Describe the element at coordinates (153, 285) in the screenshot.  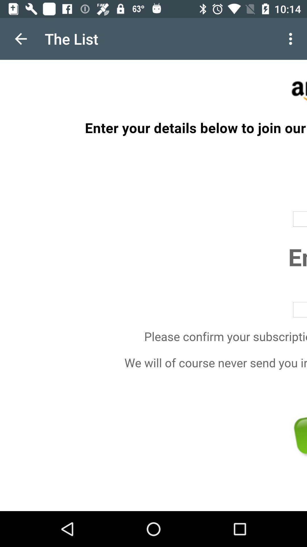
I see `item at the center` at that location.